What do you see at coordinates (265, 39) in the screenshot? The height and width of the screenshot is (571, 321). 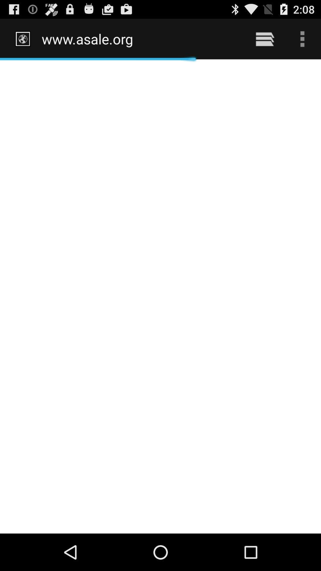 I see `icon next to the http www asale item` at bounding box center [265, 39].